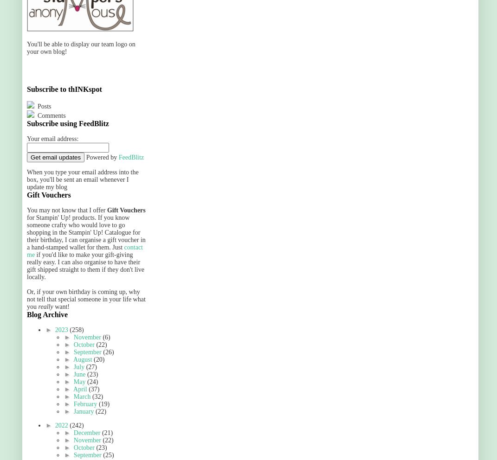  I want to click on 'really', so click(45, 307).